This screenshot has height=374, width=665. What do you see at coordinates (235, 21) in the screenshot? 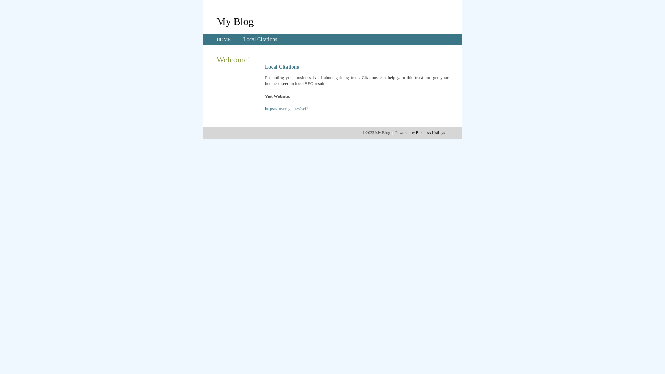
I see `'My Blog'` at bounding box center [235, 21].